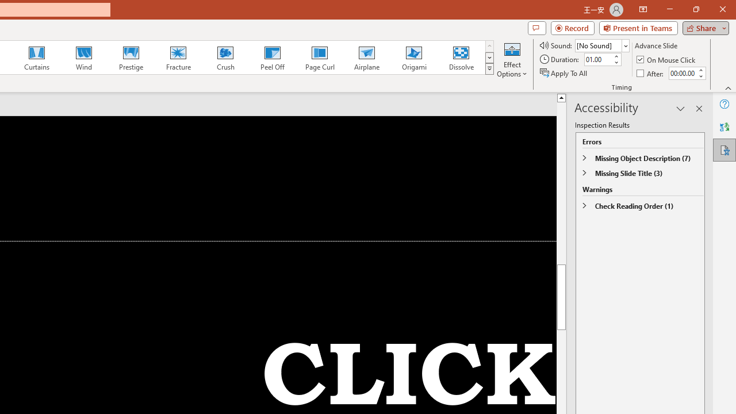 The image size is (736, 414). I want to click on 'Effect Options', so click(511, 59).